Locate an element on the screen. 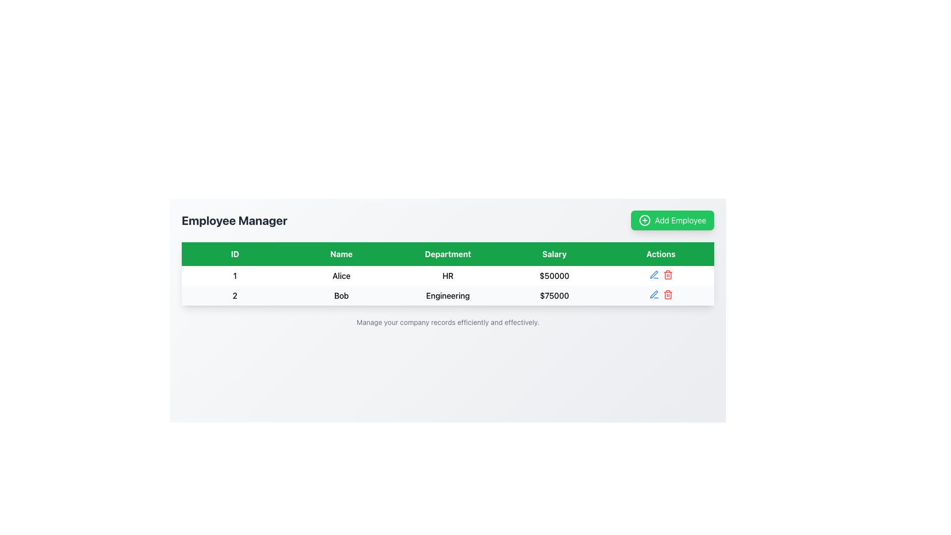 This screenshot has width=951, height=535. the fifth Table Header Cell in the data table, which indicates the purpose of the column containing interaction buttons for associated actions is located at coordinates (661, 254).